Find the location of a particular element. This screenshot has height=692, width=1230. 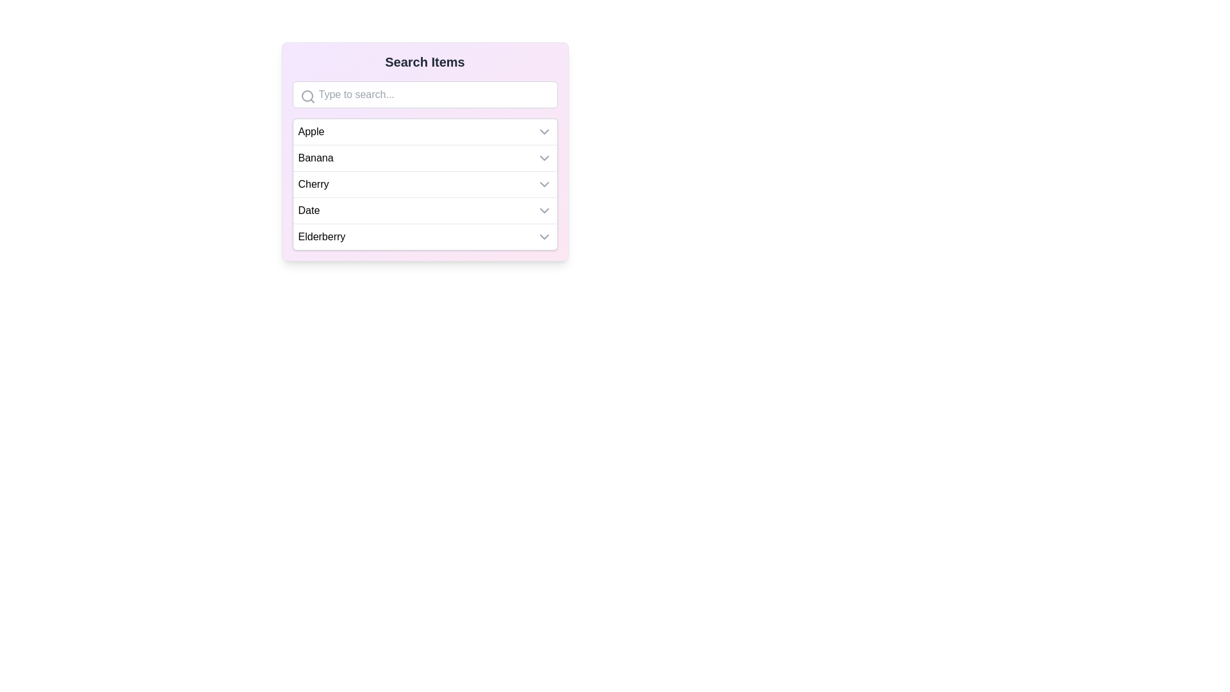

the text label that displays 'Search Items', which is styled prominently with a large, bold gray font, positioned at the top of the section above the search bar is located at coordinates (425, 62).